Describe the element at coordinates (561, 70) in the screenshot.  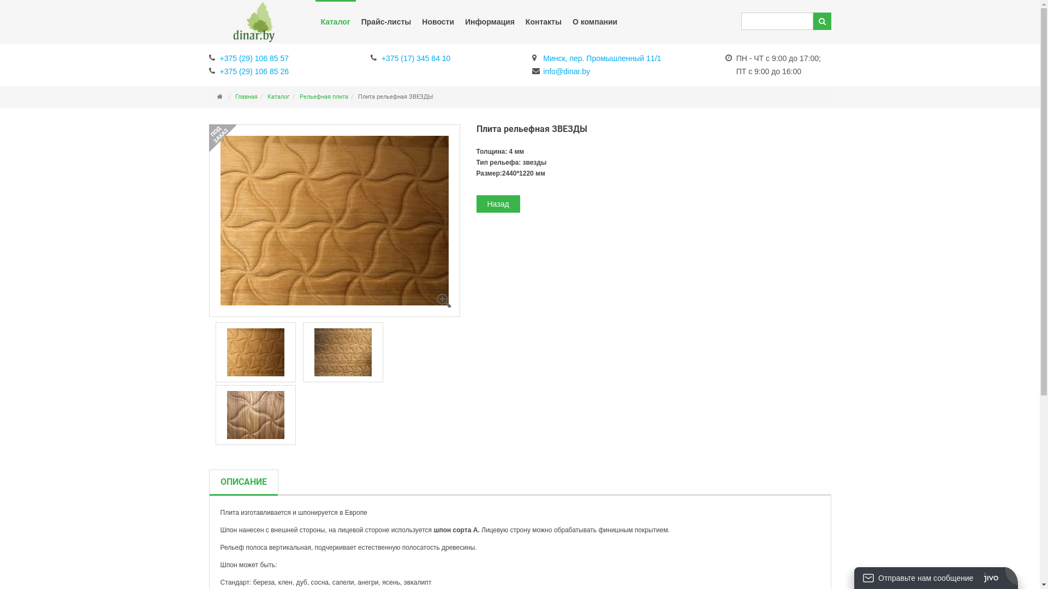
I see `'info@dinar.by'` at that location.